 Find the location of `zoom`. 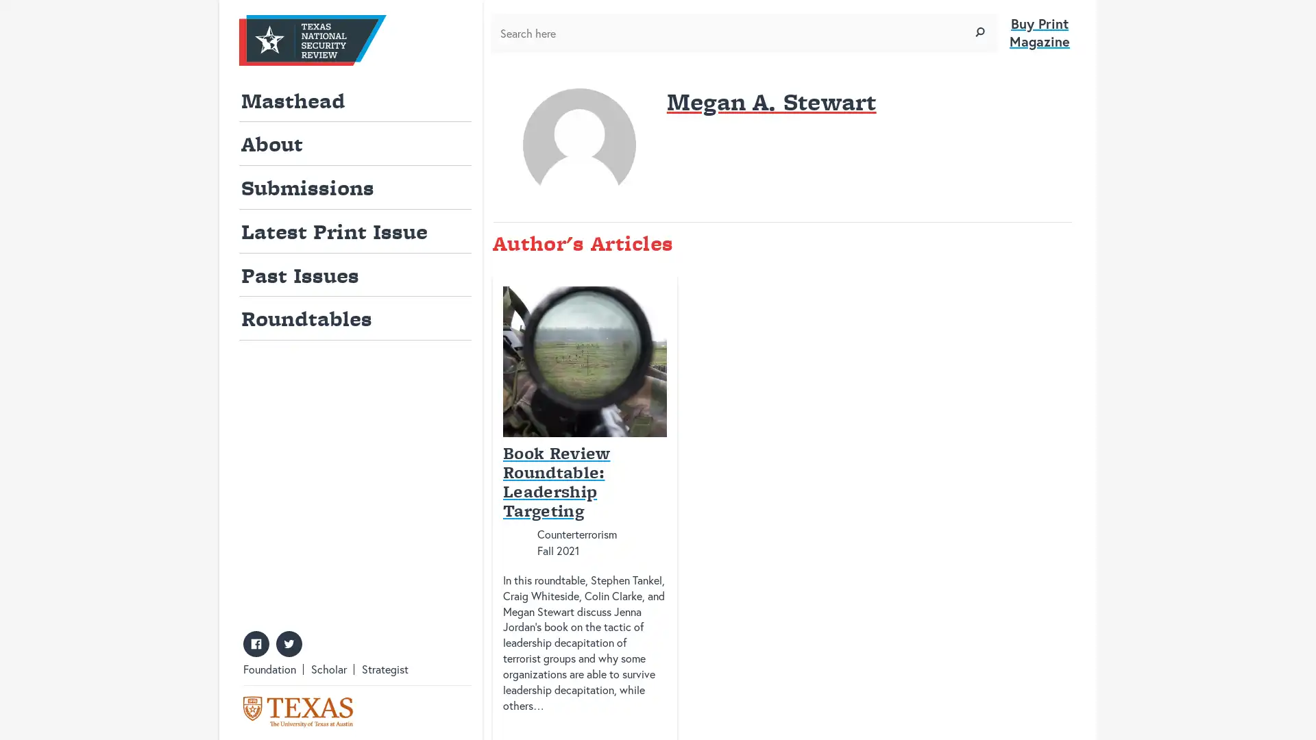

zoom is located at coordinates (979, 32).